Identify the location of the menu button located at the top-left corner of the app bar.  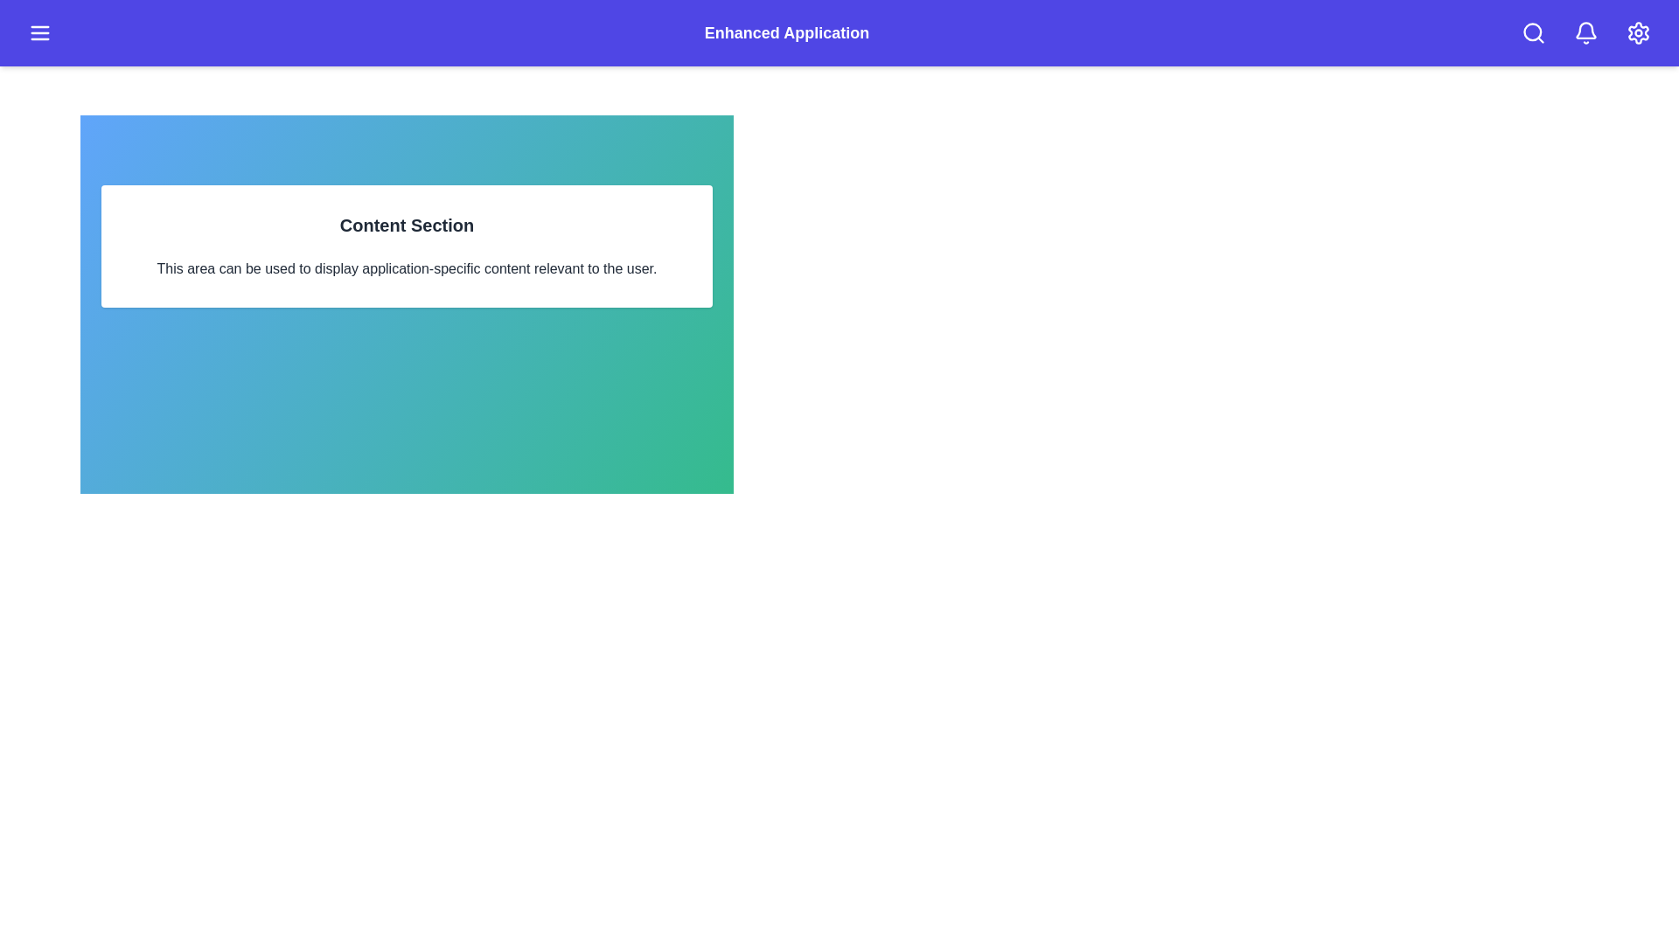
(40, 33).